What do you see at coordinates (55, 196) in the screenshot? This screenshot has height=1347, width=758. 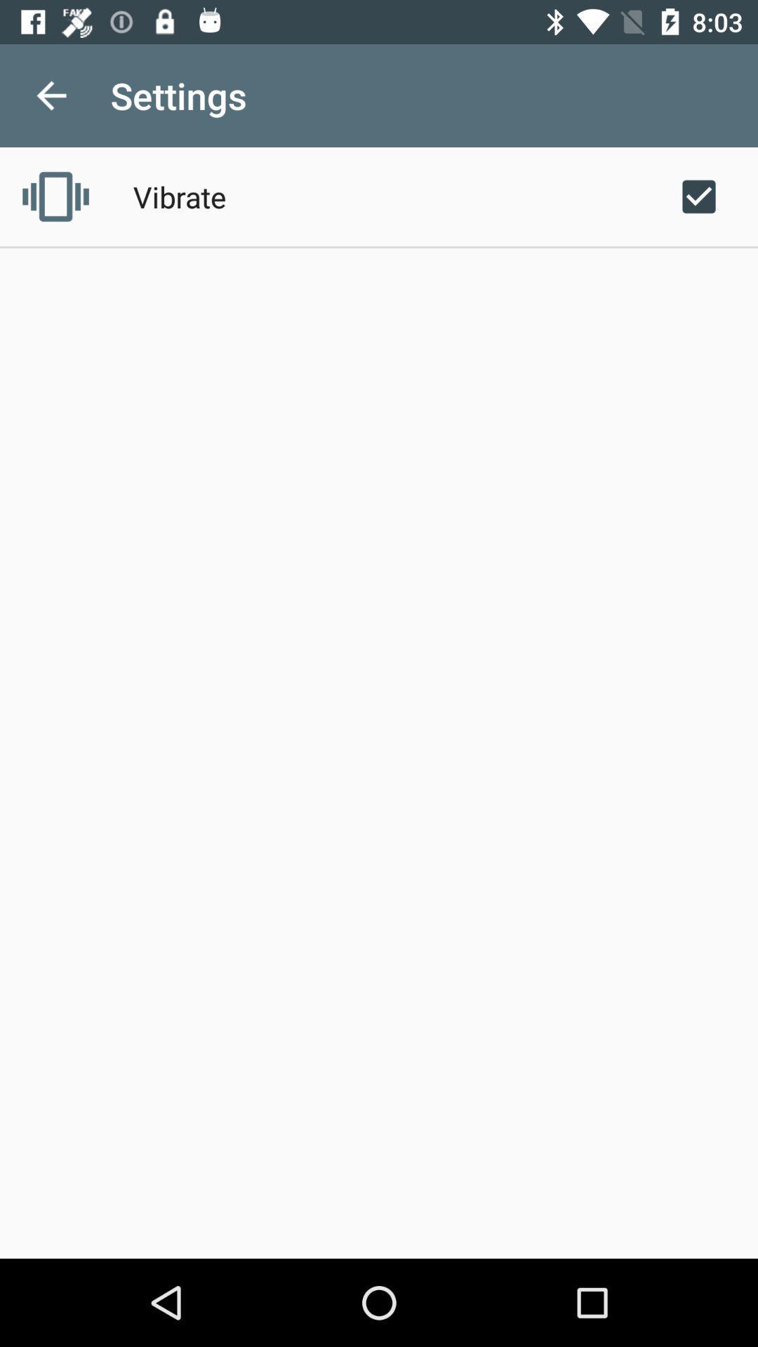 I see `icon next to the vibrate` at bounding box center [55, 196].